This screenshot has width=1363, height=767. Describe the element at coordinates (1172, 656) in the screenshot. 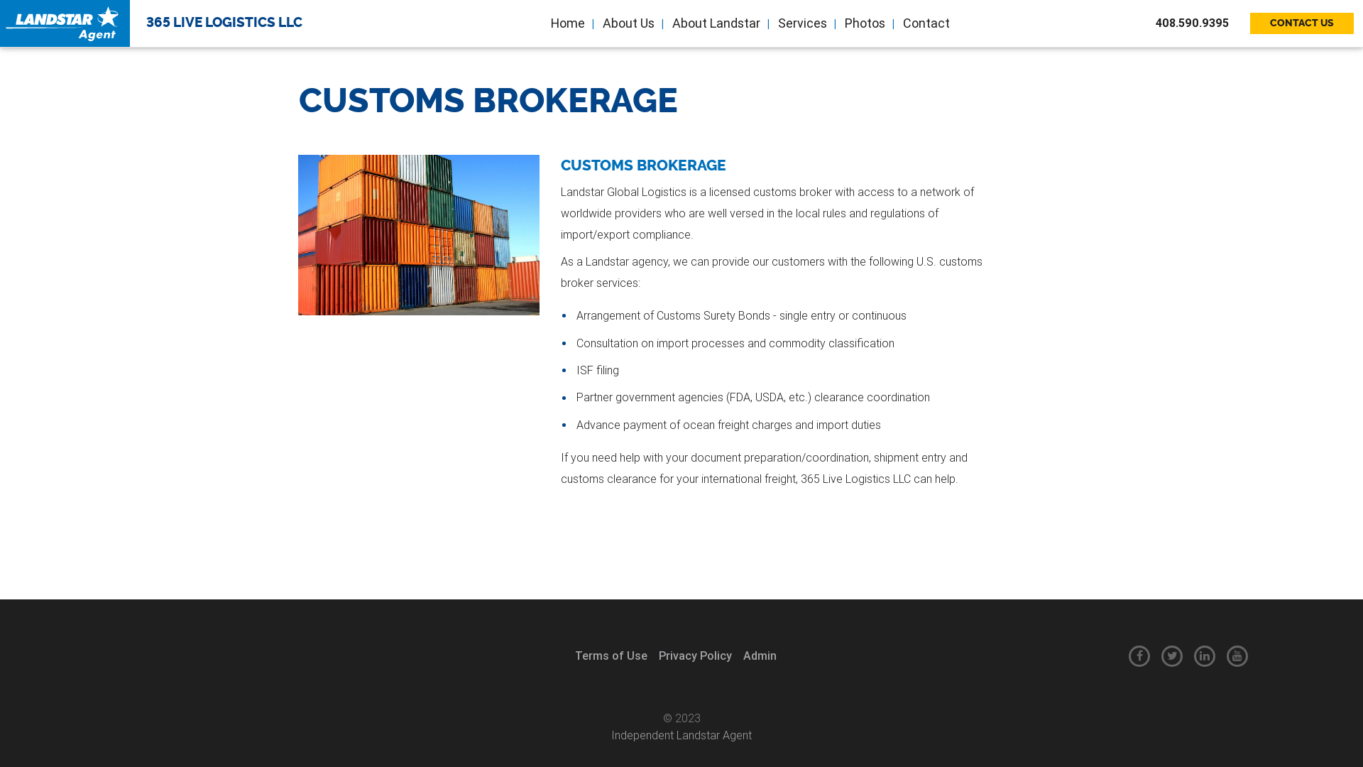

I see `'twitter'` at that location.